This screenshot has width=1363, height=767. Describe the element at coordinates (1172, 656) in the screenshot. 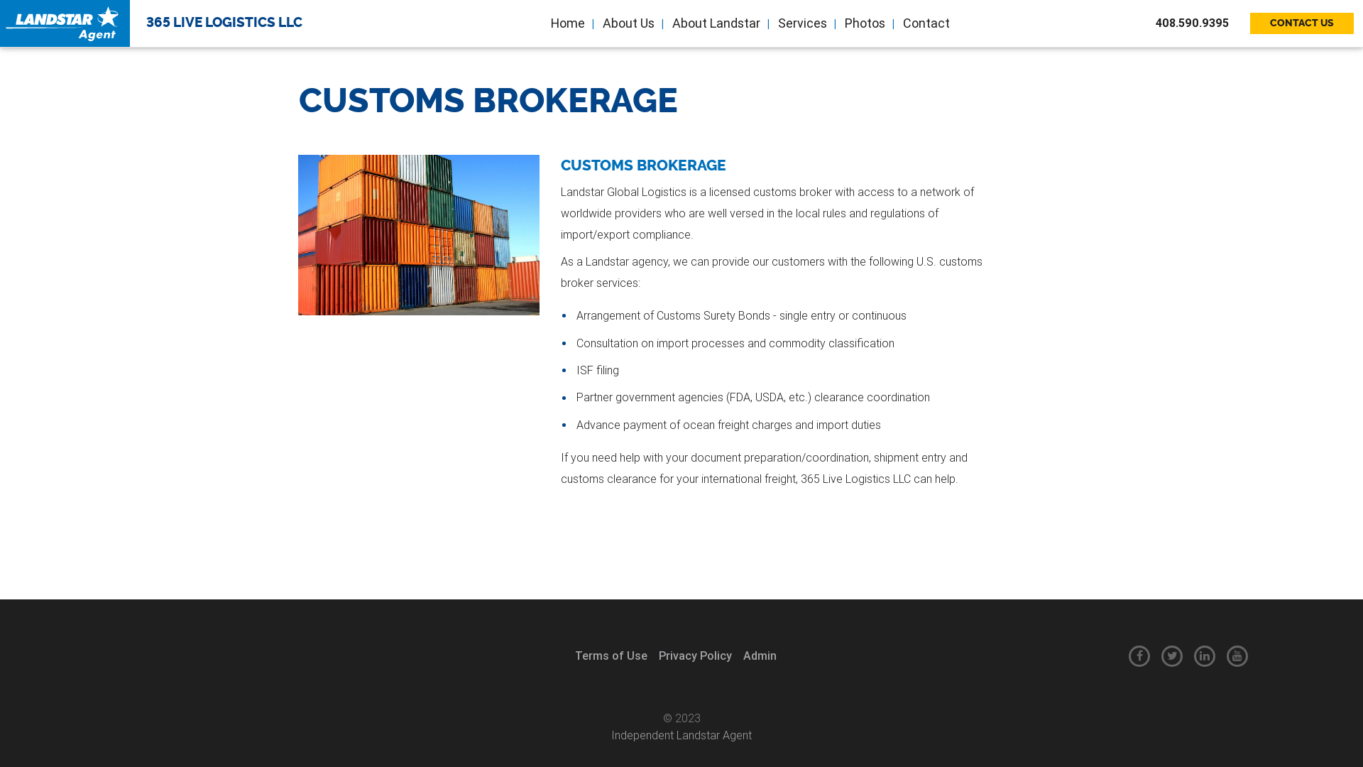

I see `'twitter'` at that location.